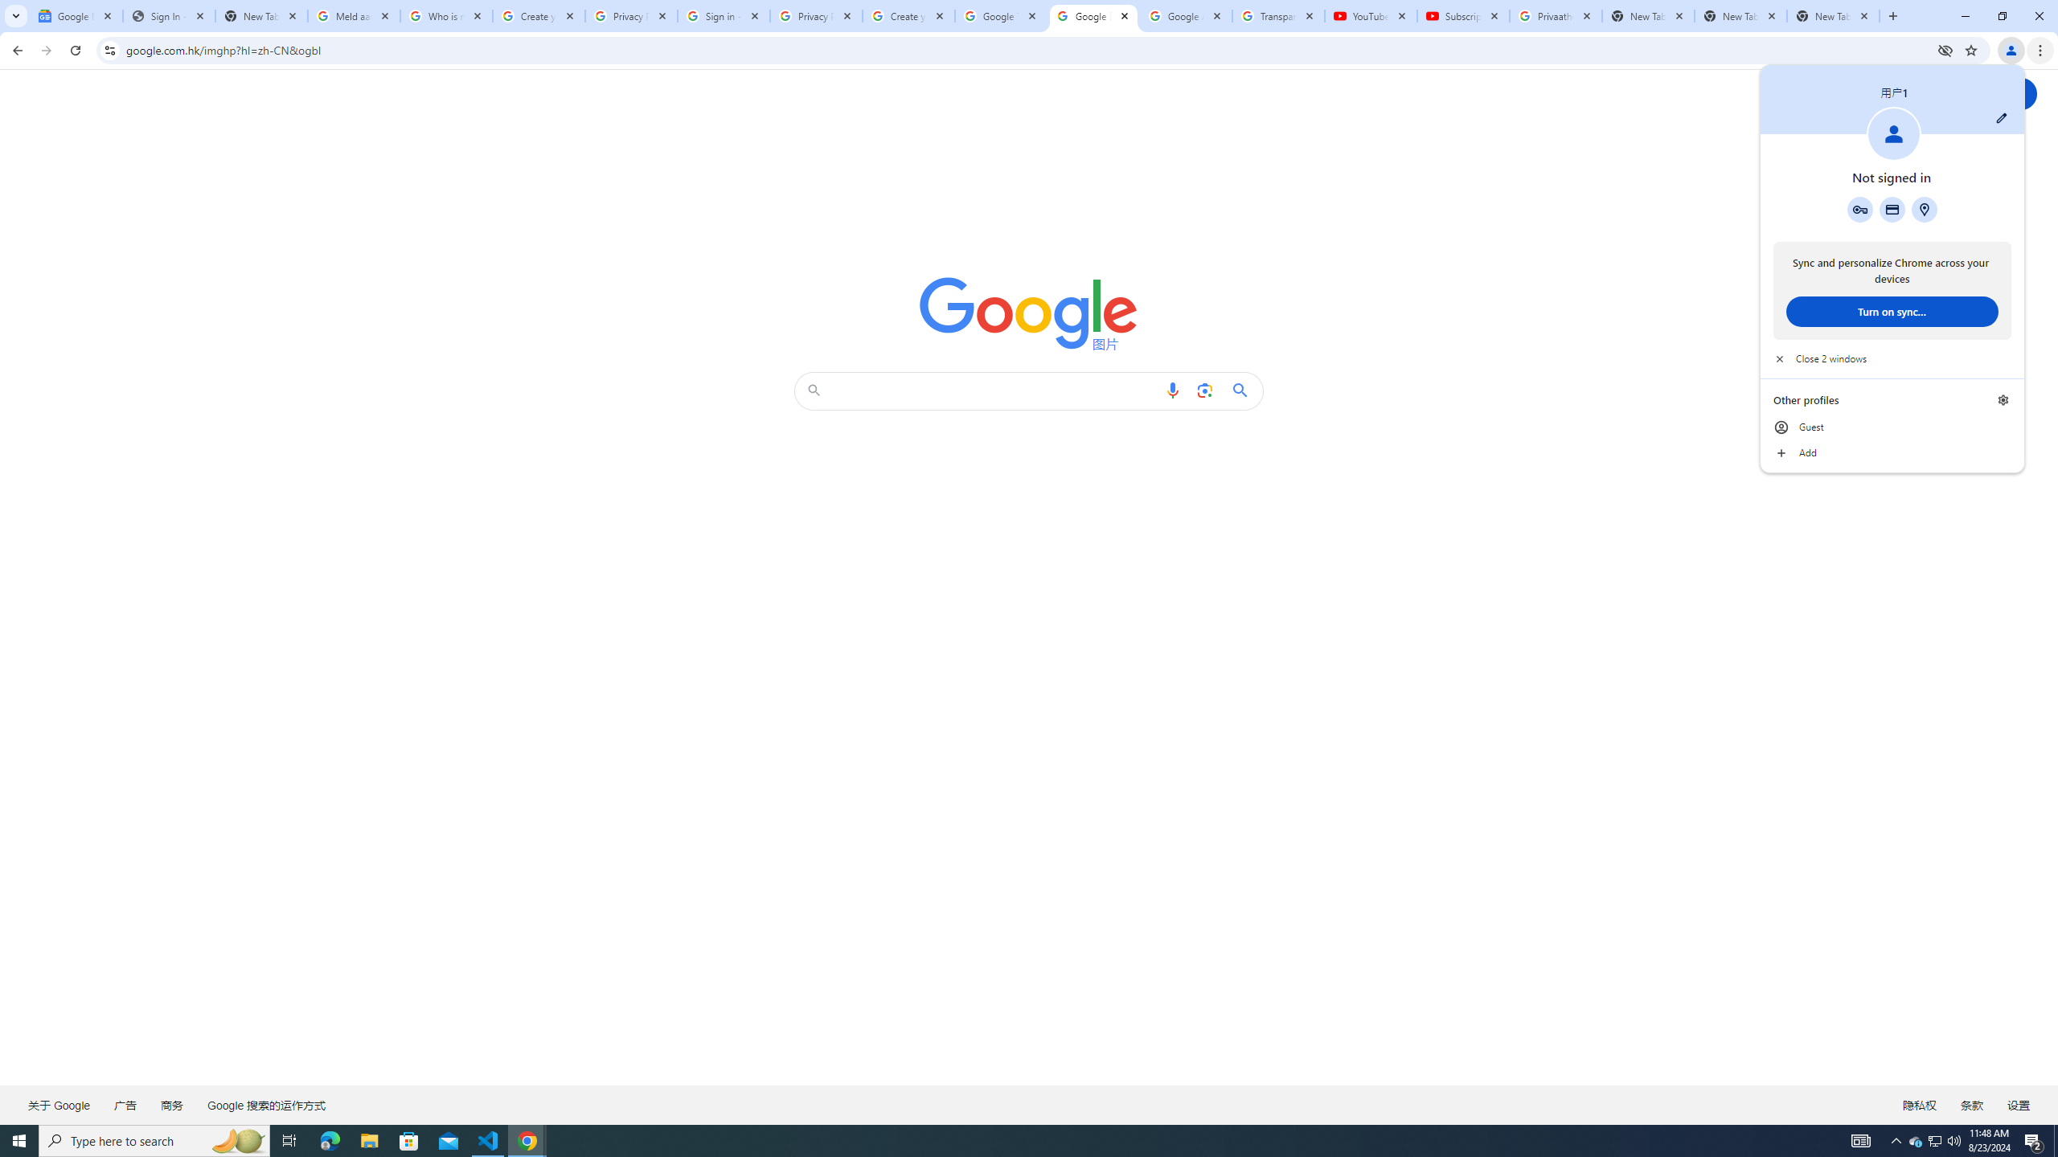 The height and width of the screenshot is (1157, 2058). I want to click on 'Task View', so click(288, 1139).